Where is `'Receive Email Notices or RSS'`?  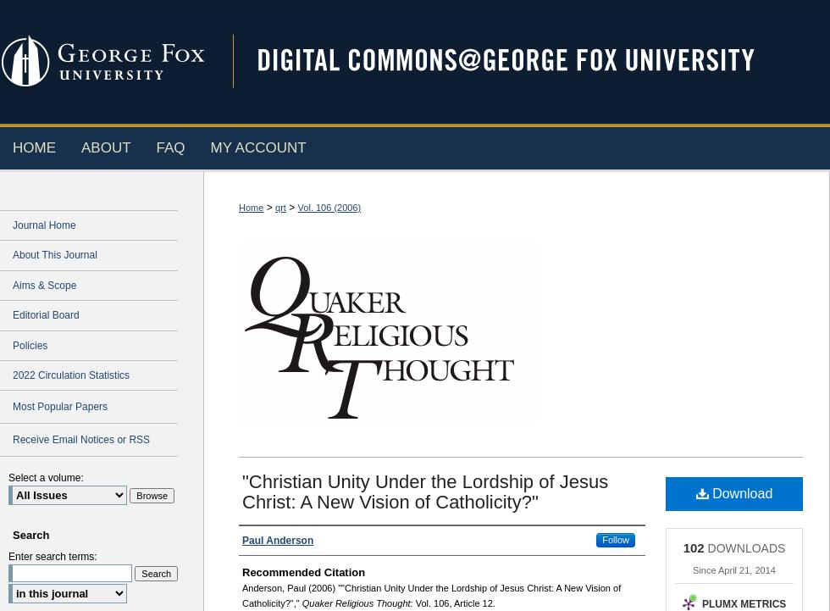
'Receive Email Notices or RSS' is located at coordinates (81, 439).